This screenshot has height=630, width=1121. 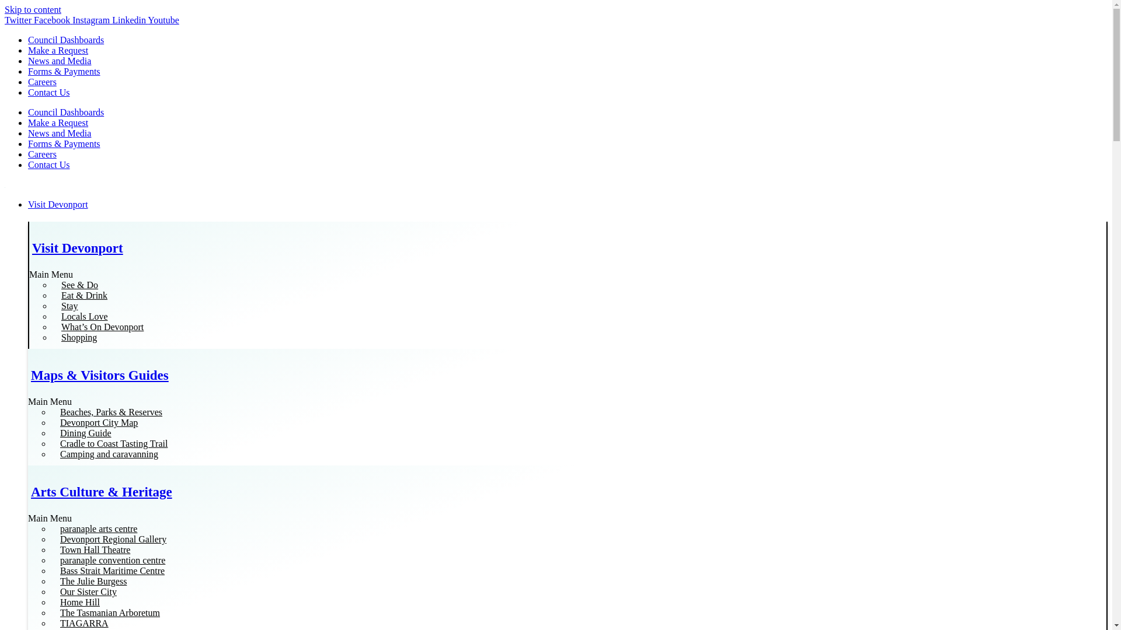 What do you see at coordinates (64, 143) in the screenshot?
I see `'Forms & Payments'` at bounding box center [64, 143].